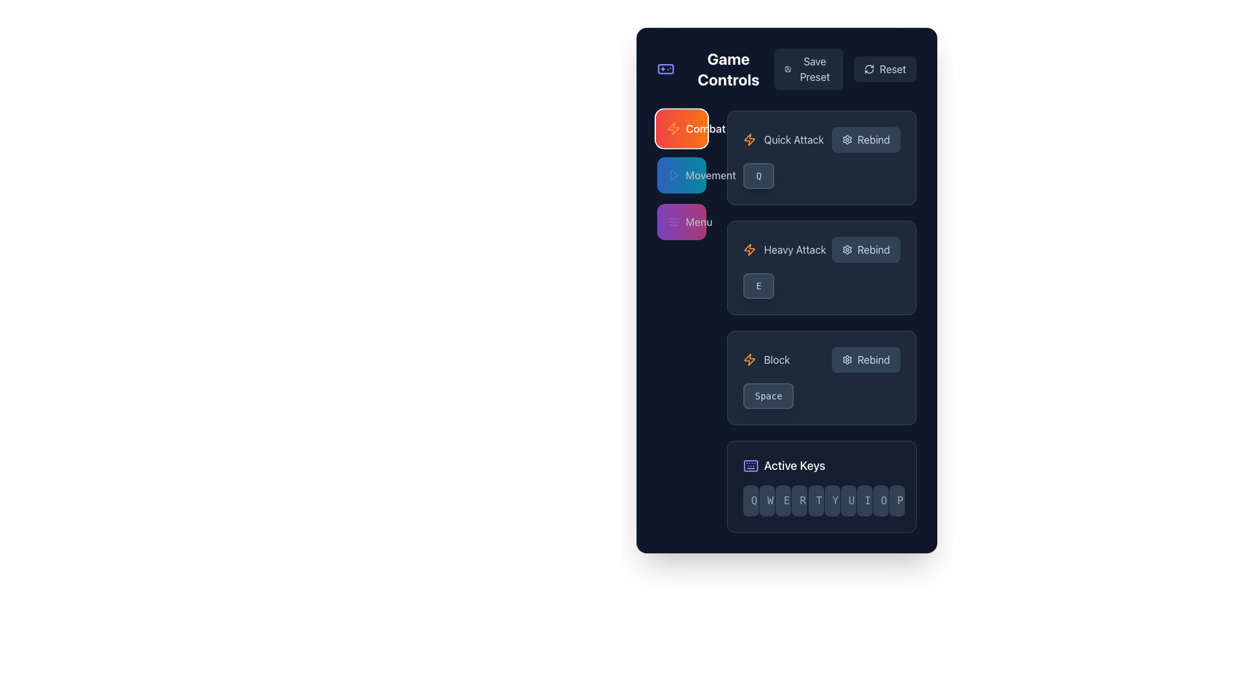 The width and height of the screenshot is (1242, 699). I want to click on the 'Q' key representation button in the 'Active Keys' section, which is the first button in a horizontal sequence of ten key-like elements, so click(751, 500).